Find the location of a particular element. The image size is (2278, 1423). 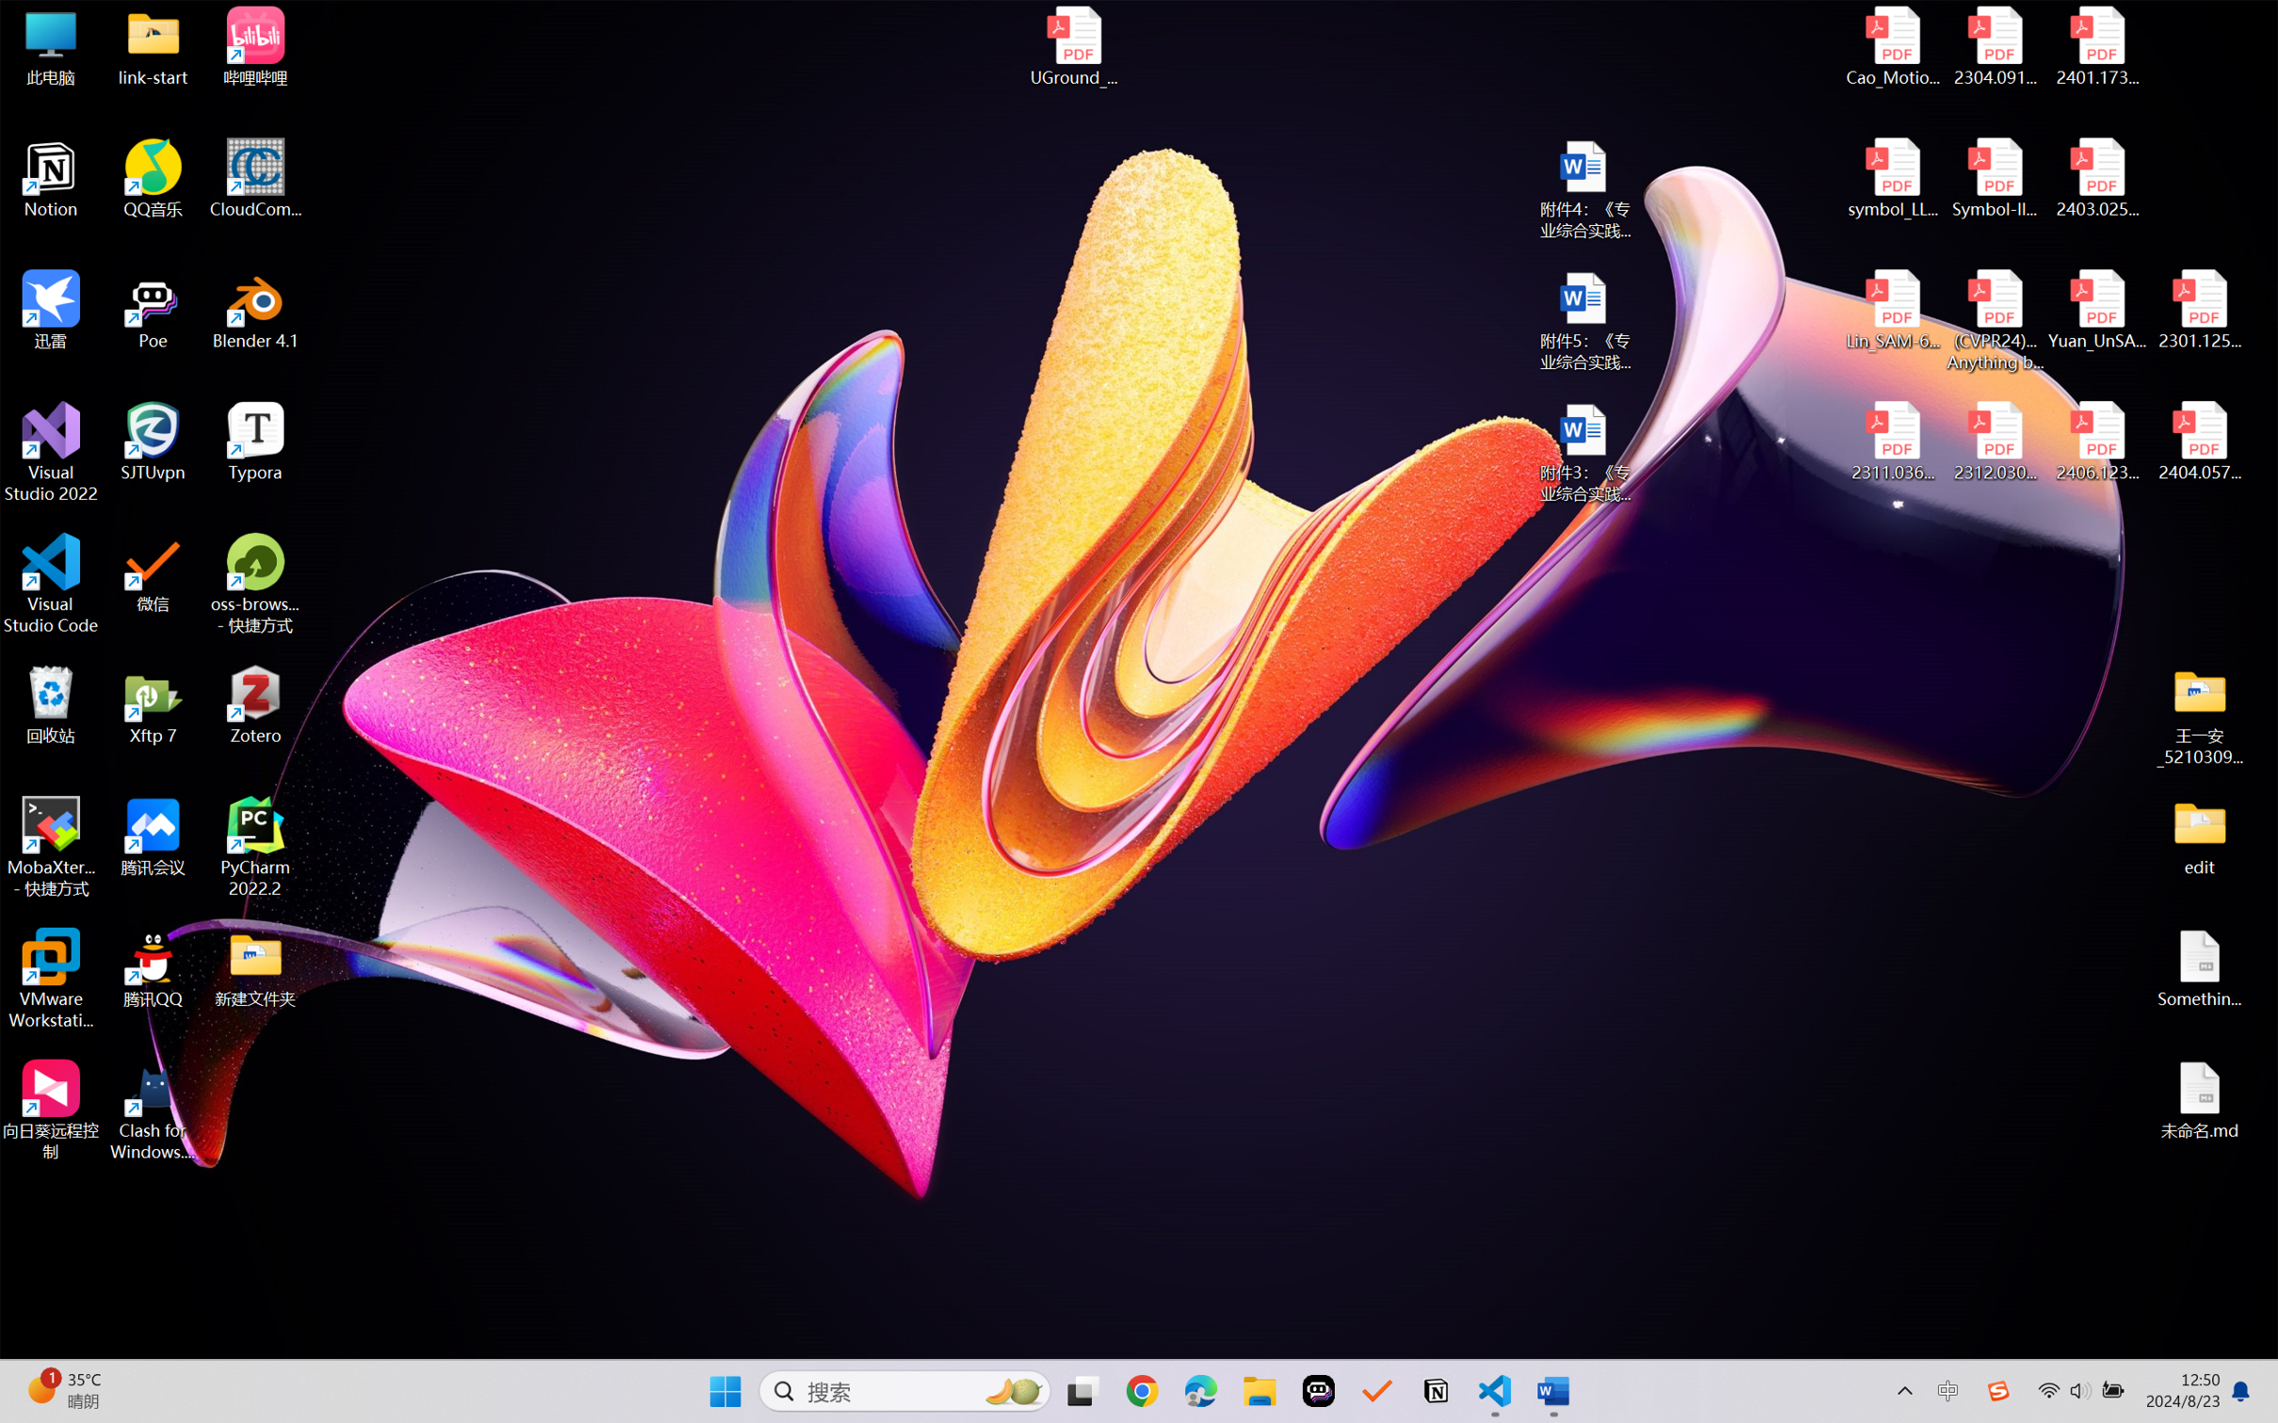

'VMware Workstation Pro' is located at coordinates (50, 979).